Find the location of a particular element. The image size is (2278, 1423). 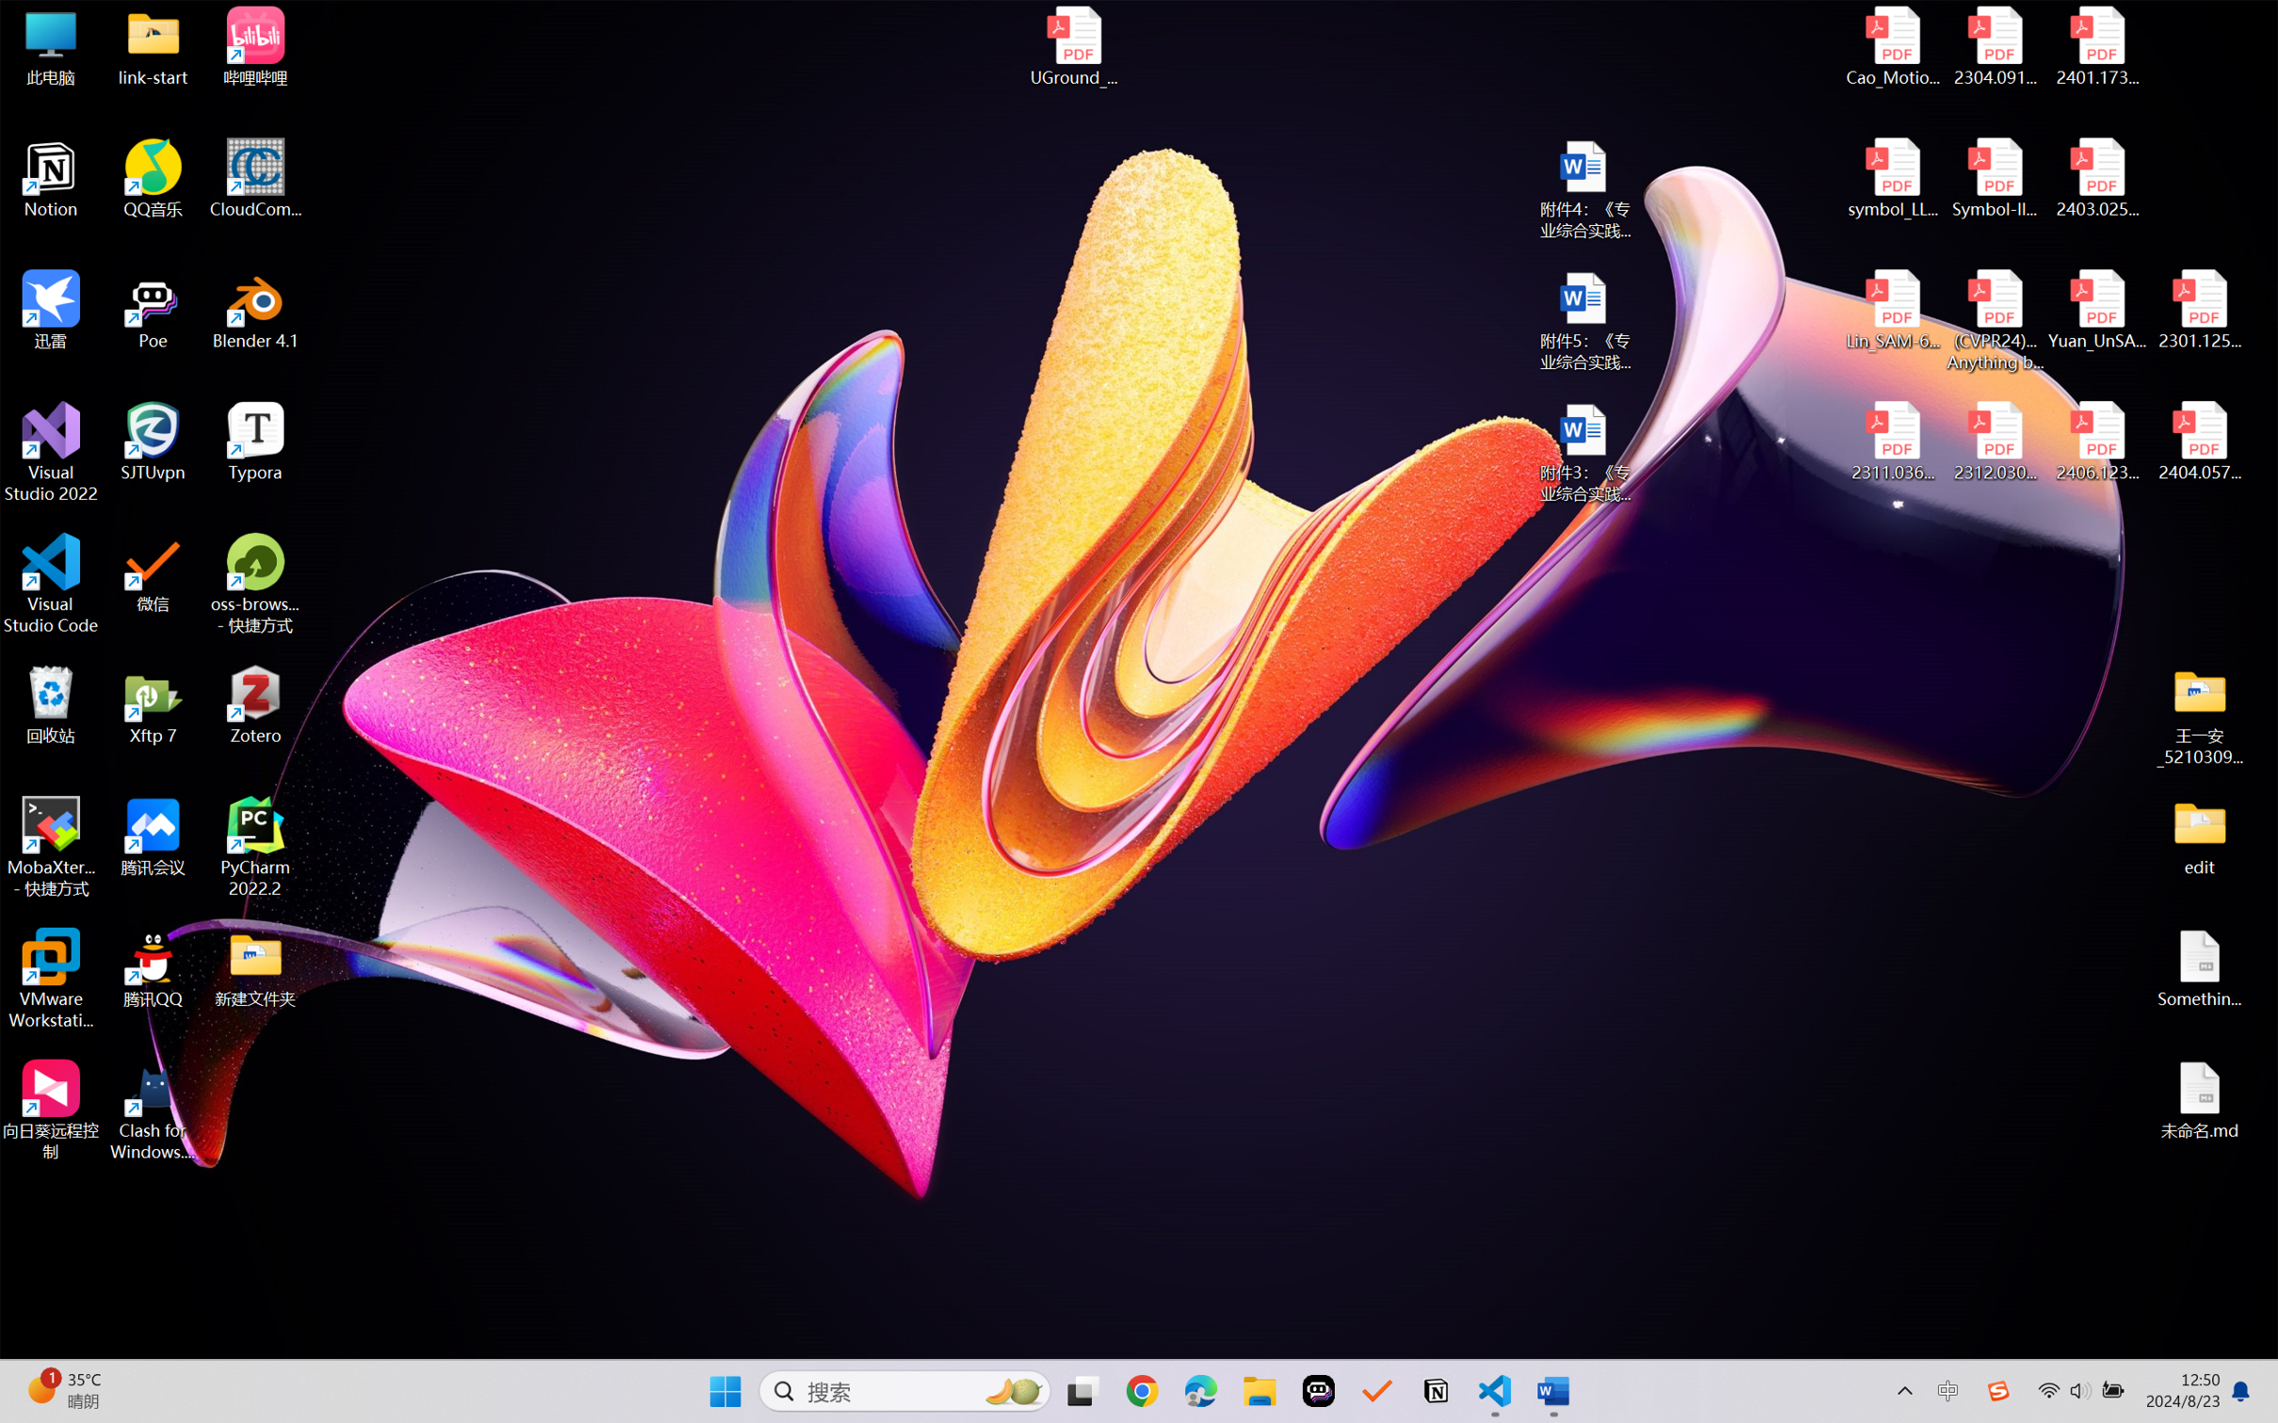

'VMware Workstation Pro' is located at coordinates (50, 979).